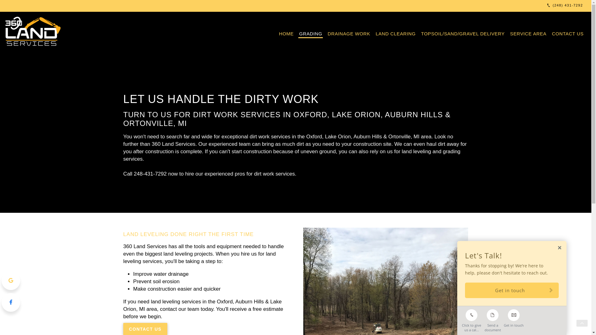 This screenshot has height=335, width=596. I want to click on 'SERVICE AREA', so click(528, 32).